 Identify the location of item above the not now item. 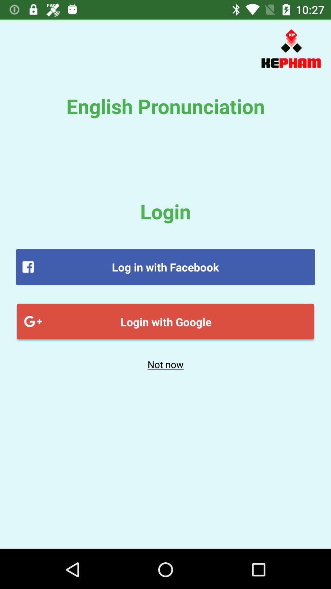
(165, 321).